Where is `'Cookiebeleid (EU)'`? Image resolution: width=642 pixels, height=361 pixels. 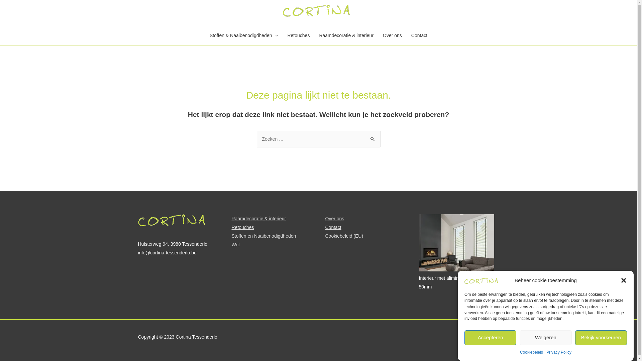 'Cookiebeleid (EU)' is located at coordinates (344, 235).